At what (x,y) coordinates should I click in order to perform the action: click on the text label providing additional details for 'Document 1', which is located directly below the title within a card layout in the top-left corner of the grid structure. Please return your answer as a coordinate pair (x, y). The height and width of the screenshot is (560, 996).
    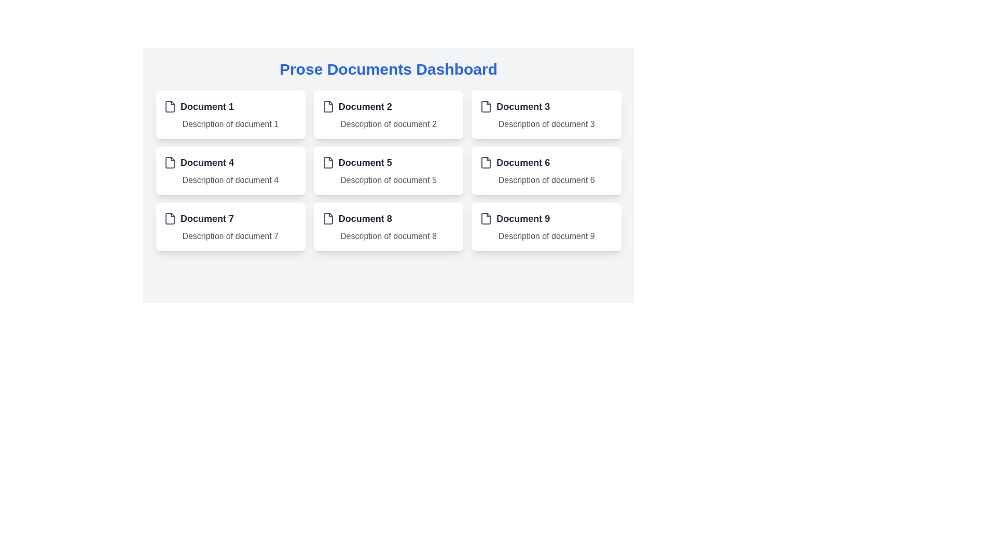
    Looking at the image, I should click on (230, 123).